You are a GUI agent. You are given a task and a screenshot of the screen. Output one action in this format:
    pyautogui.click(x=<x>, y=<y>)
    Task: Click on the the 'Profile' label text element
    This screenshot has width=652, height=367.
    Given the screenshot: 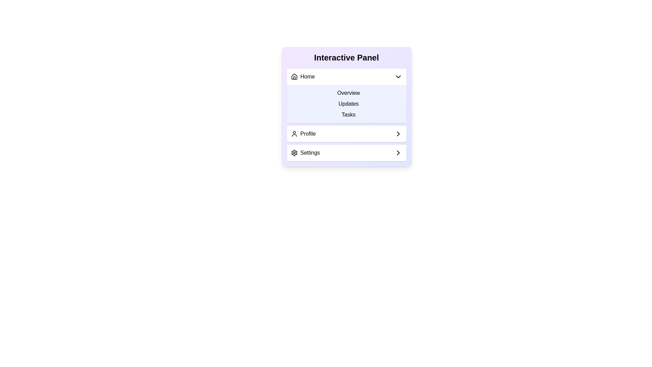 What is the action you would take?
    pyautogui.click(x=308, y=134)
    